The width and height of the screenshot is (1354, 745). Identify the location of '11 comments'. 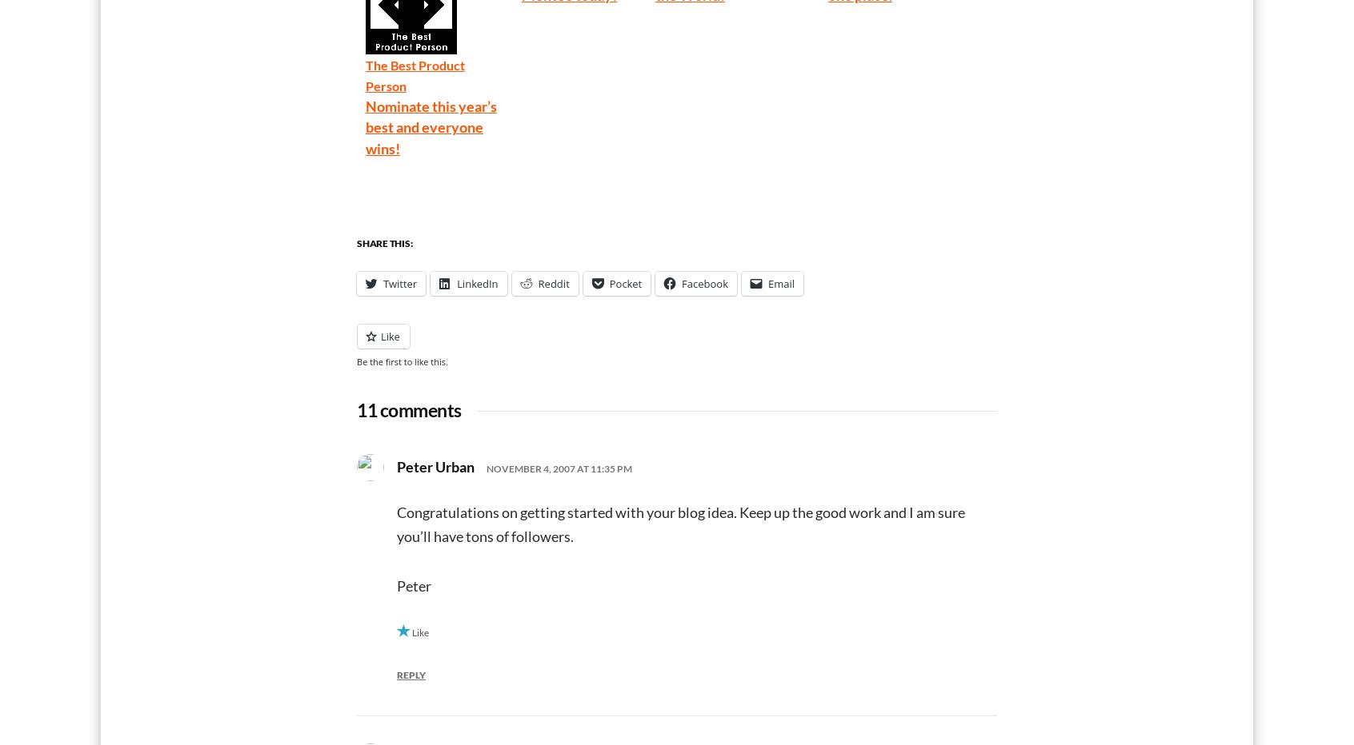
(409, 408).